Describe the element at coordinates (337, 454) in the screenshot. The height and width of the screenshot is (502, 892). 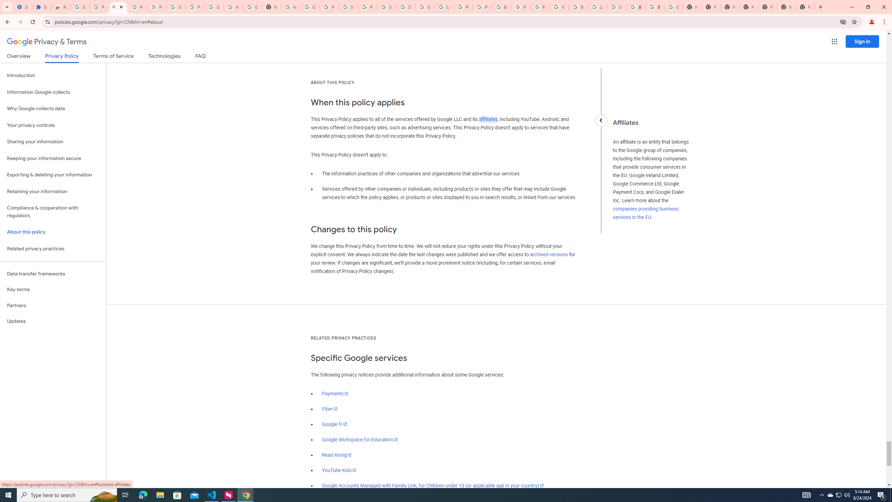
I see `'Read Along'` at that location.